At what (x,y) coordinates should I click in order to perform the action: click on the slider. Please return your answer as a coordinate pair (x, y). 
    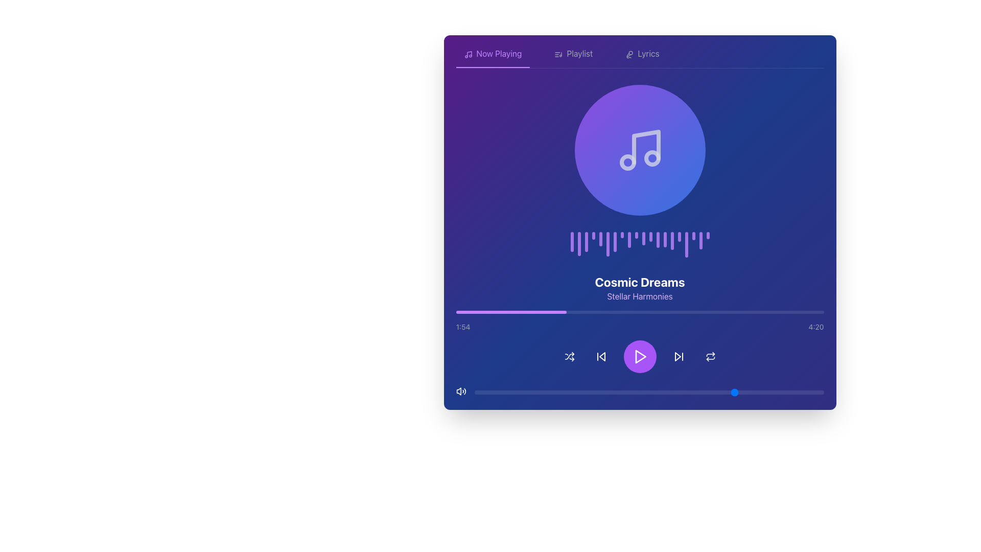
    Looking at the image, I should click on (502, 392).